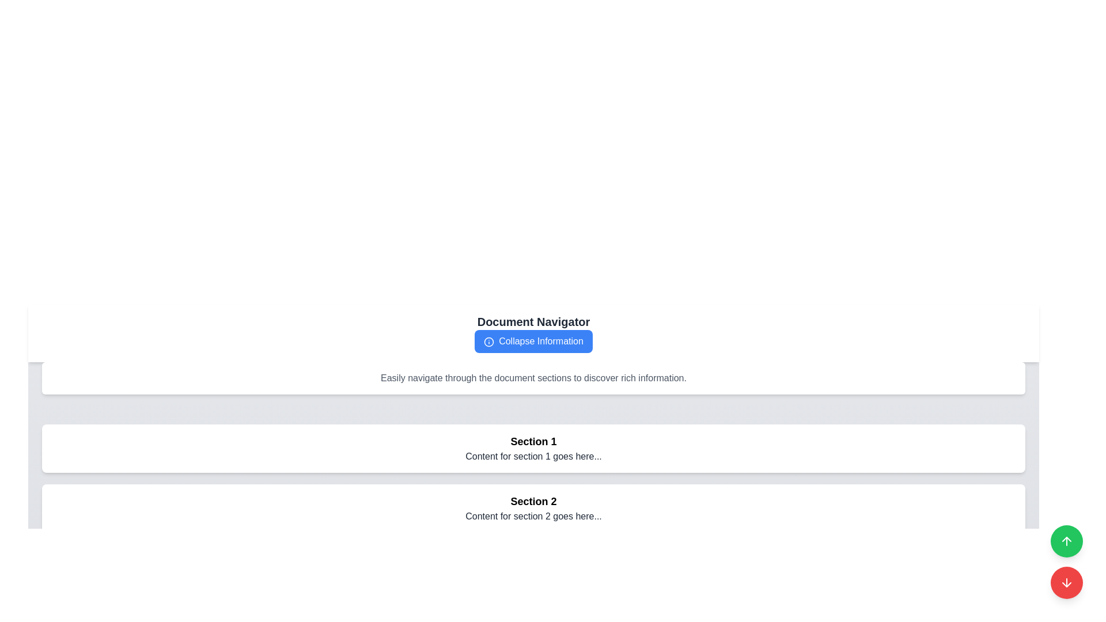  What do you see at coordinates (533, 516) in the screenshot?
I see `the static text element that displays 'Content for section 2 goes here...' which is located below the title 'Section 2' in the interface` at bounding box center [533, 516].